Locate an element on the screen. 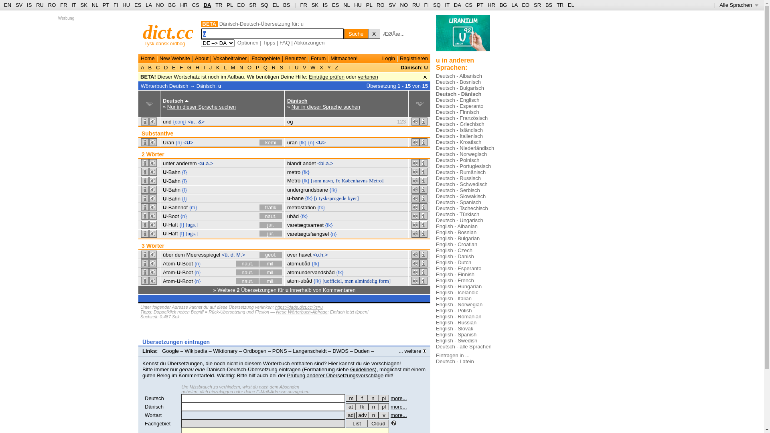 Image resolution: width=770 pixels, height=433 pixels. 'PONS' is located at coordinates (280, 350).